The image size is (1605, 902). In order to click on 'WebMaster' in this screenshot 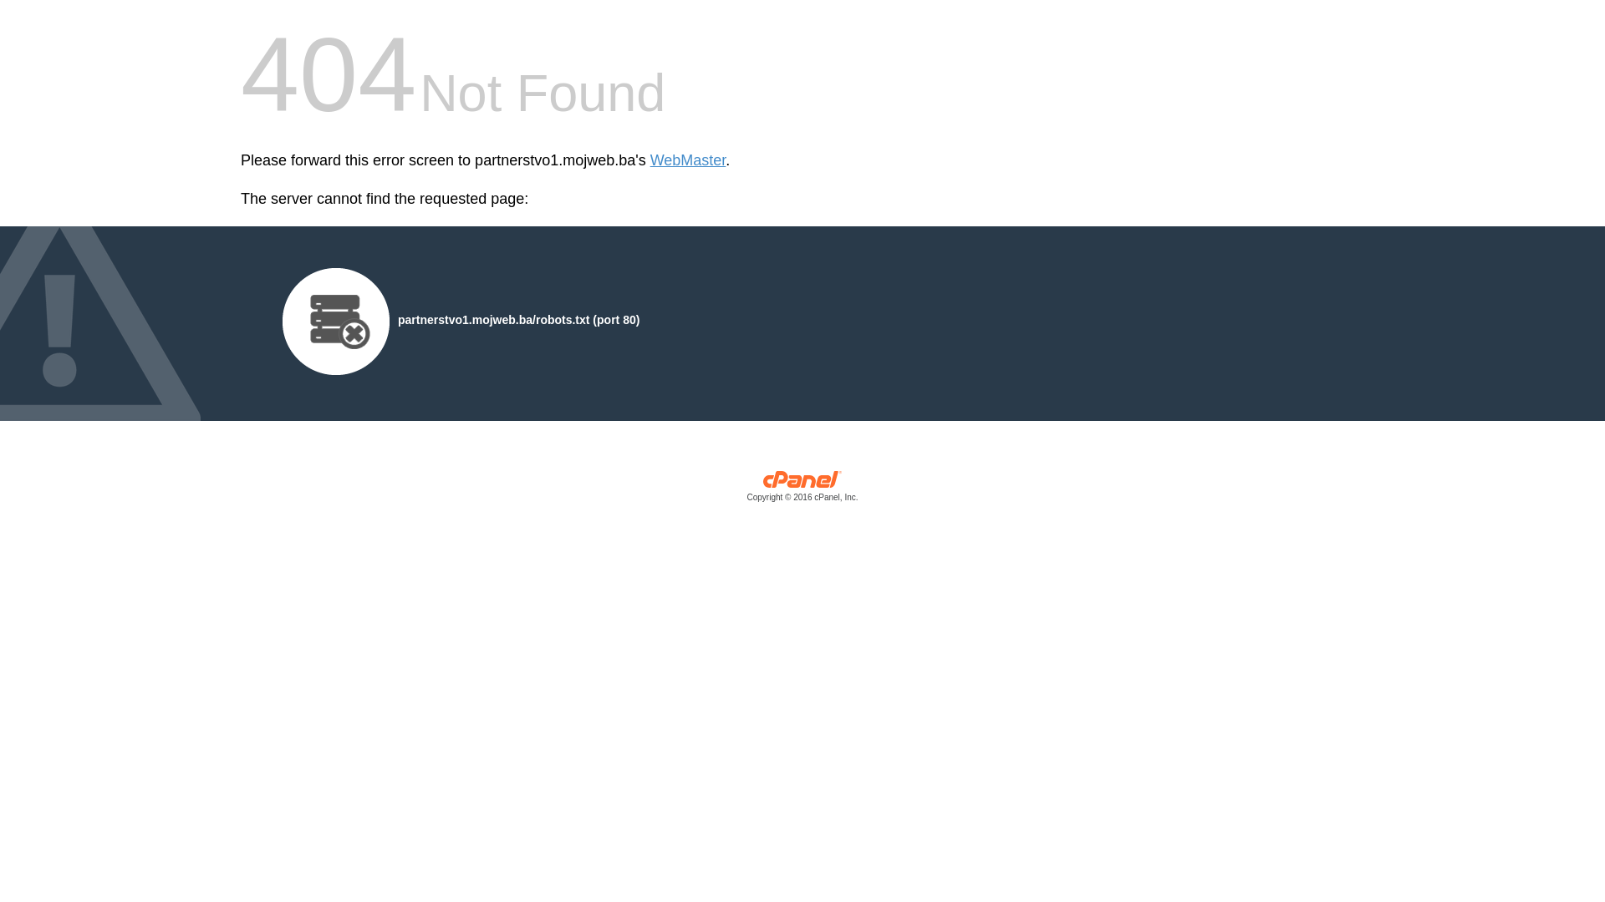, I will do `click(688, 160)`.